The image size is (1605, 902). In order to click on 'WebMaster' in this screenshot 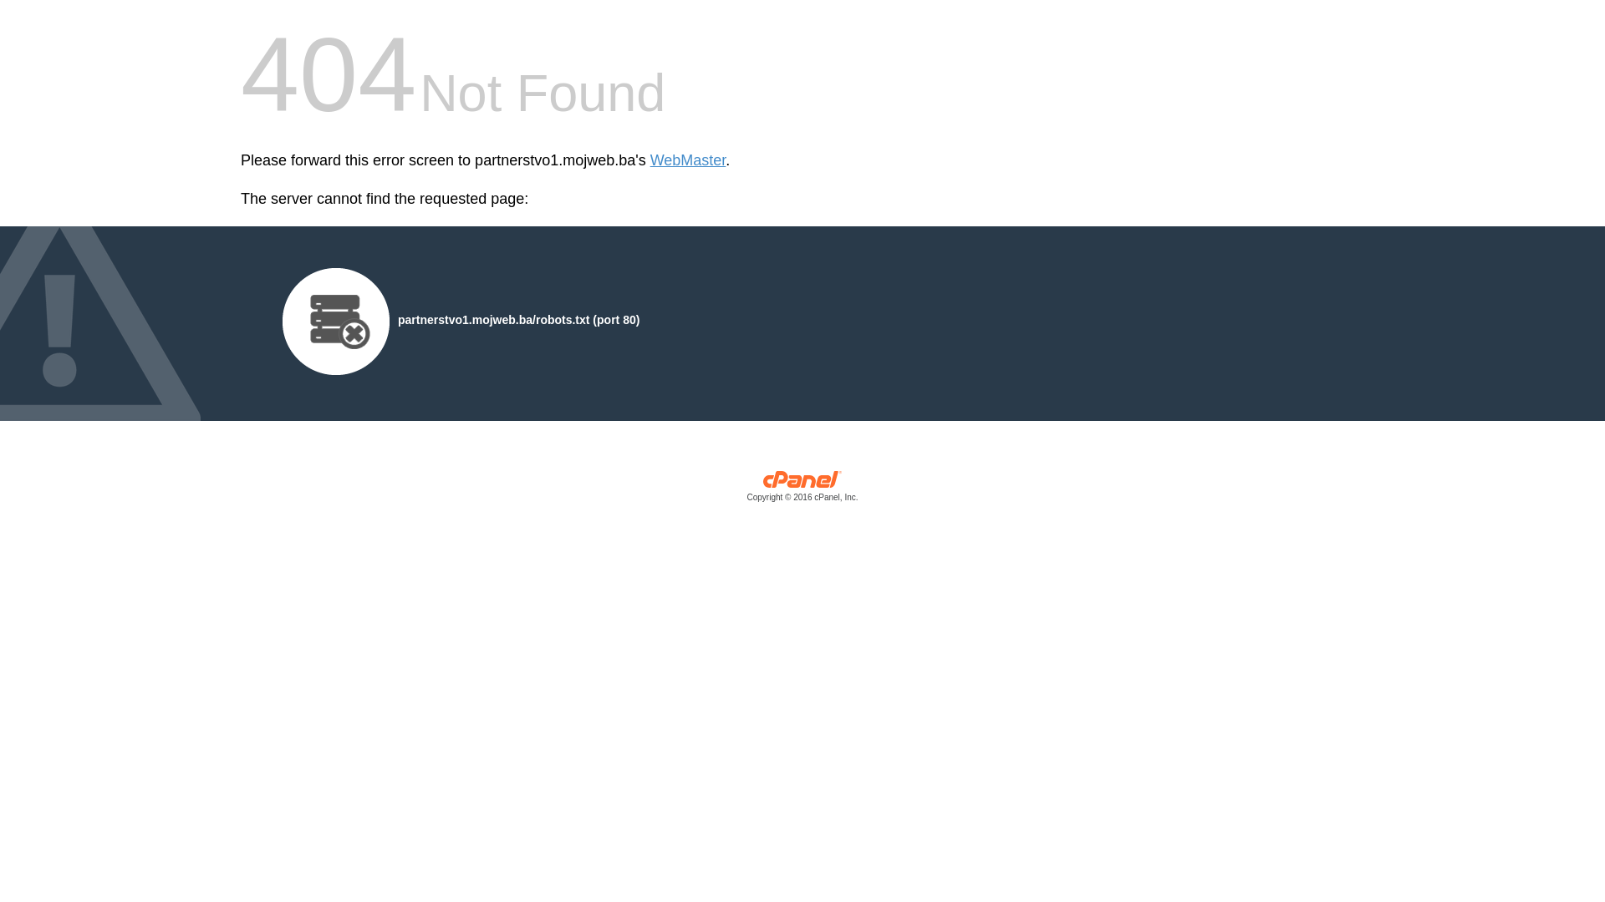, I will do `click(688, 160)`.